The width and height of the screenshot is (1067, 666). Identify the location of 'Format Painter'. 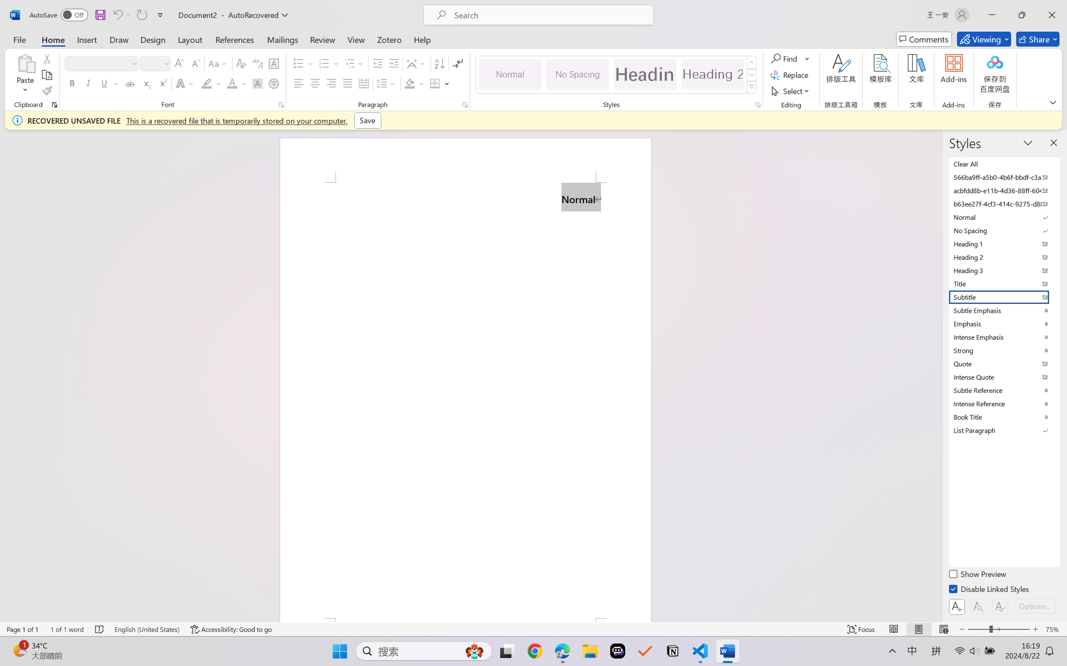
(46, 91).